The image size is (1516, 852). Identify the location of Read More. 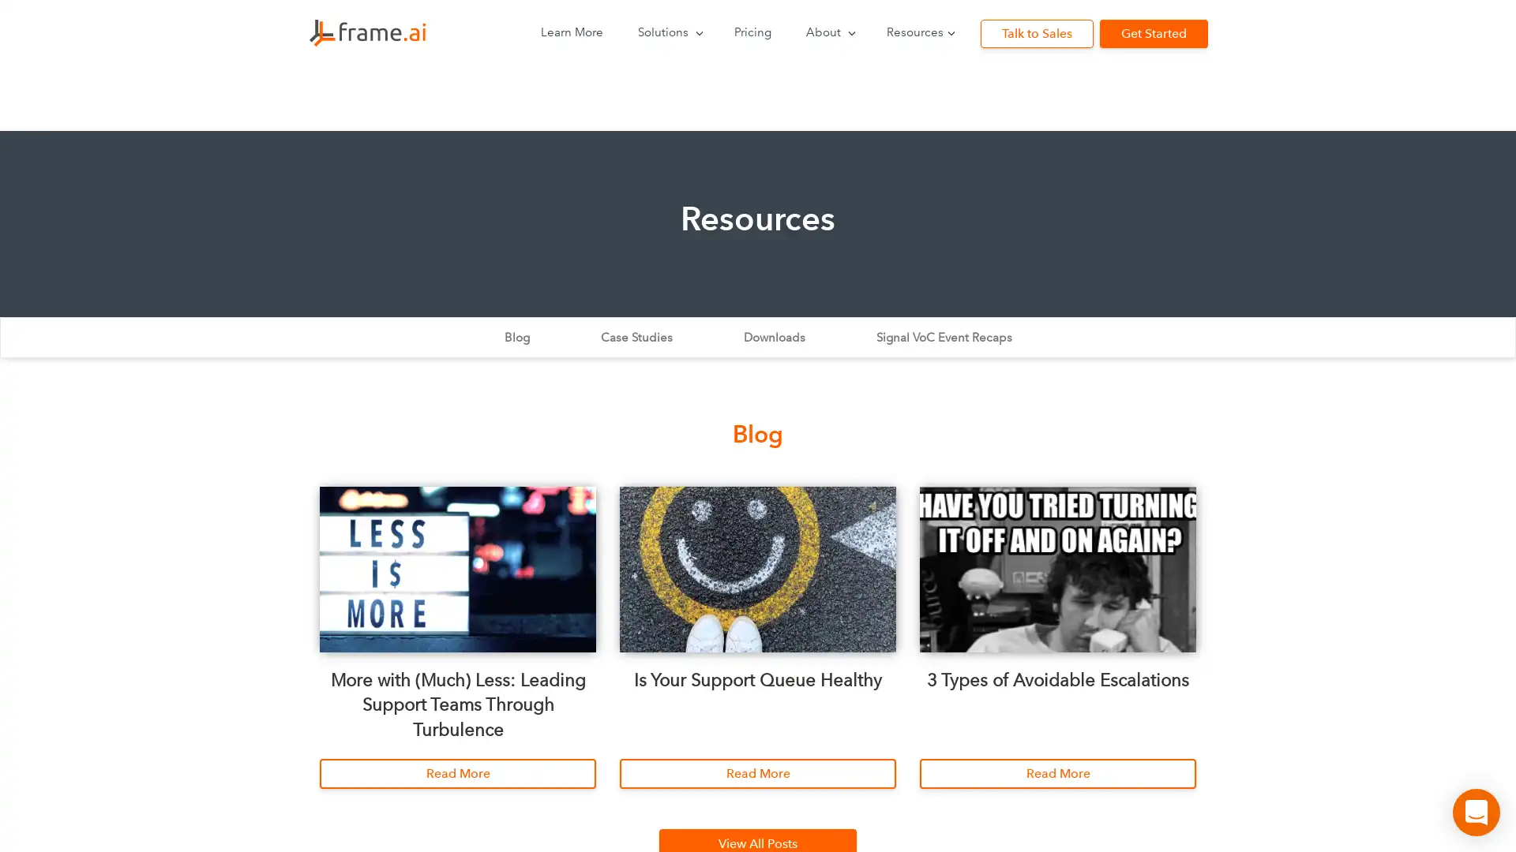
(1057, 772).